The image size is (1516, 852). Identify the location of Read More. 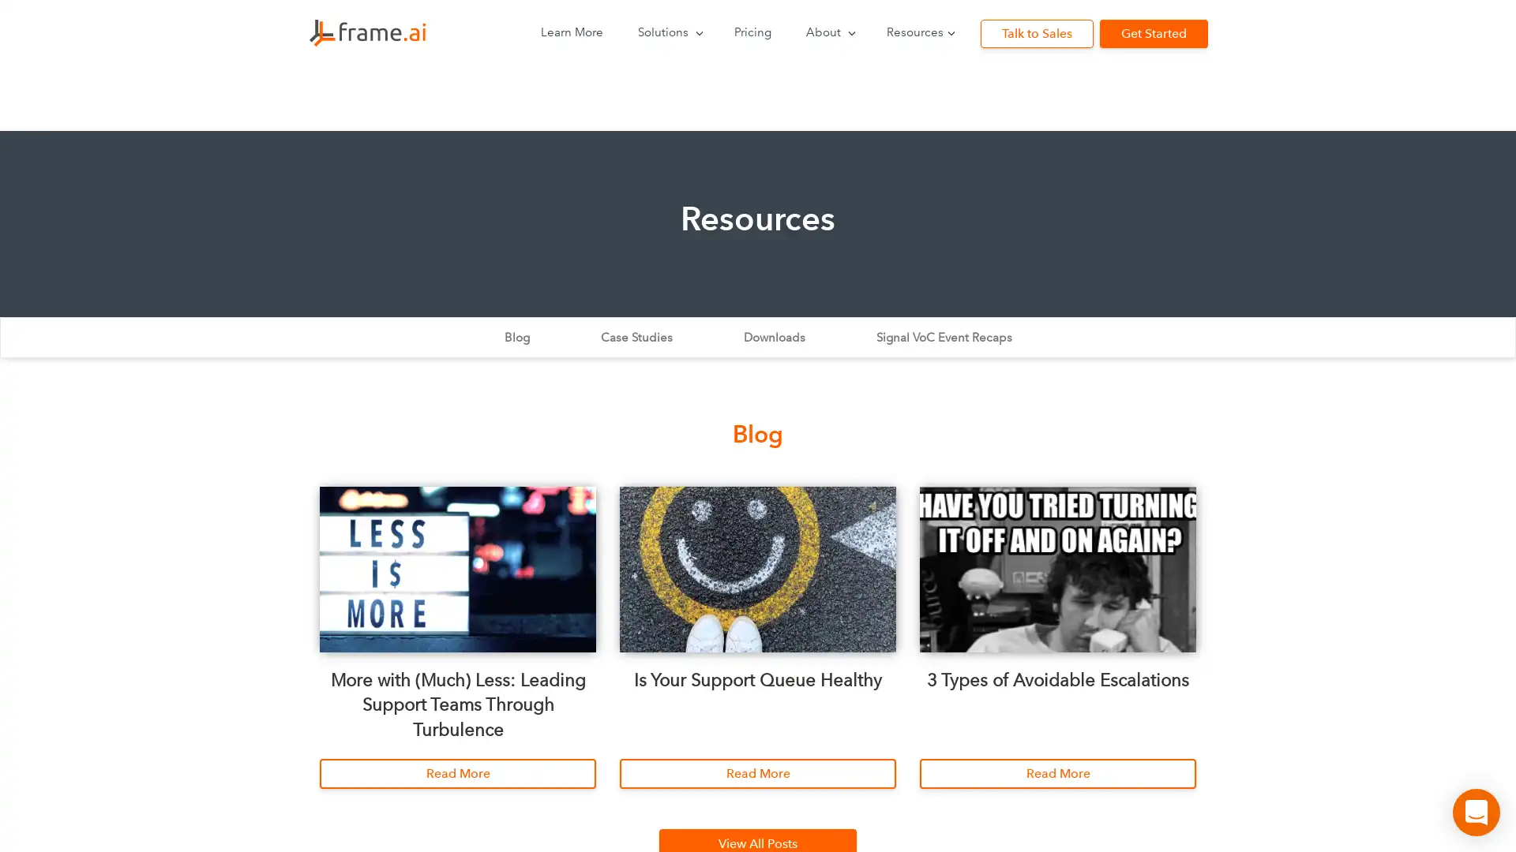
(1057, 772).